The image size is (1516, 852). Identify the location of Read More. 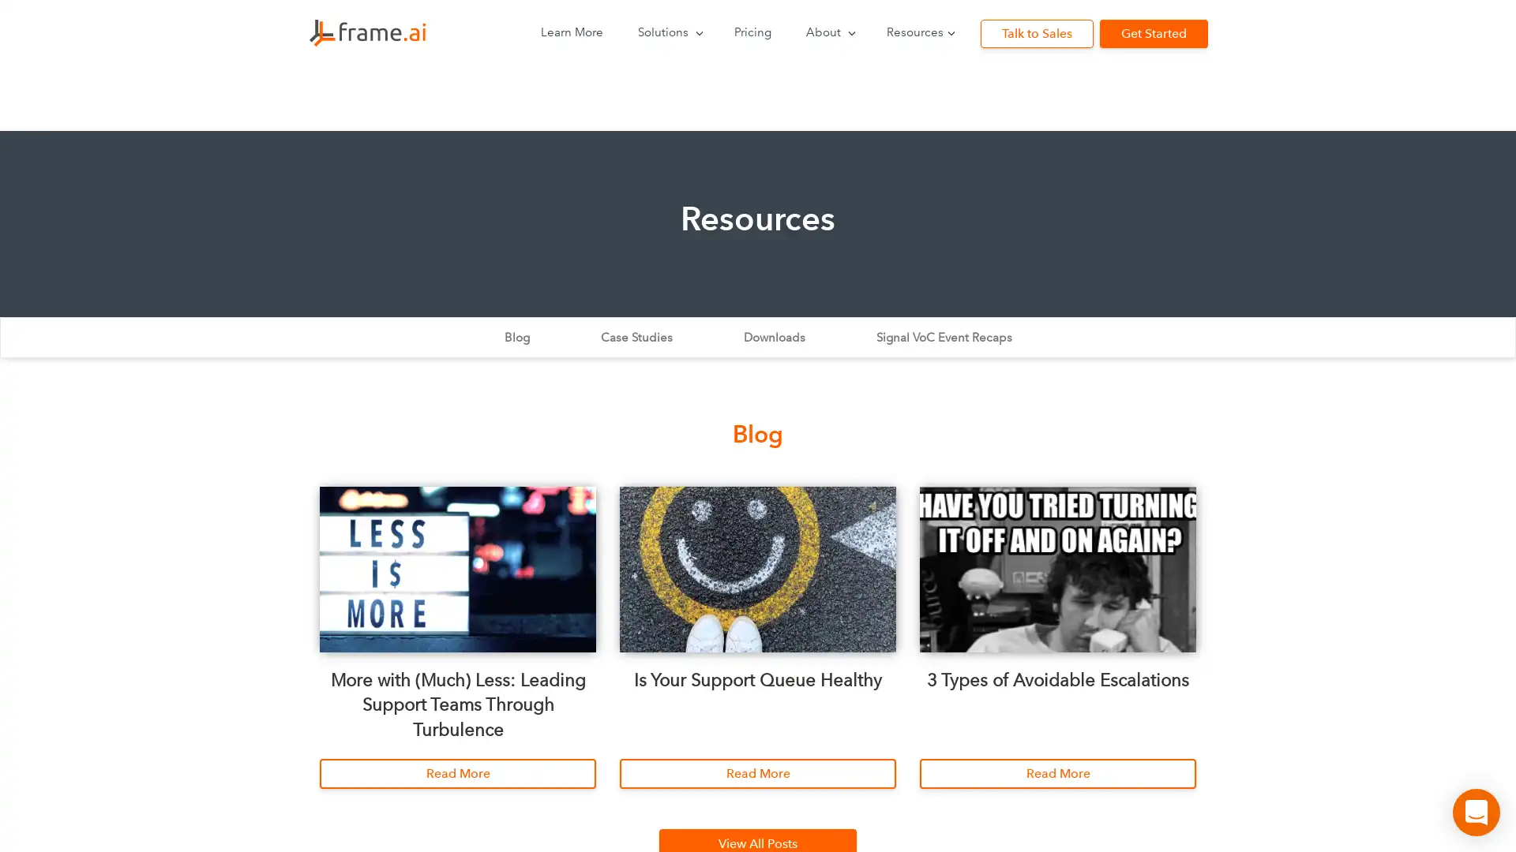
(1057, 772).